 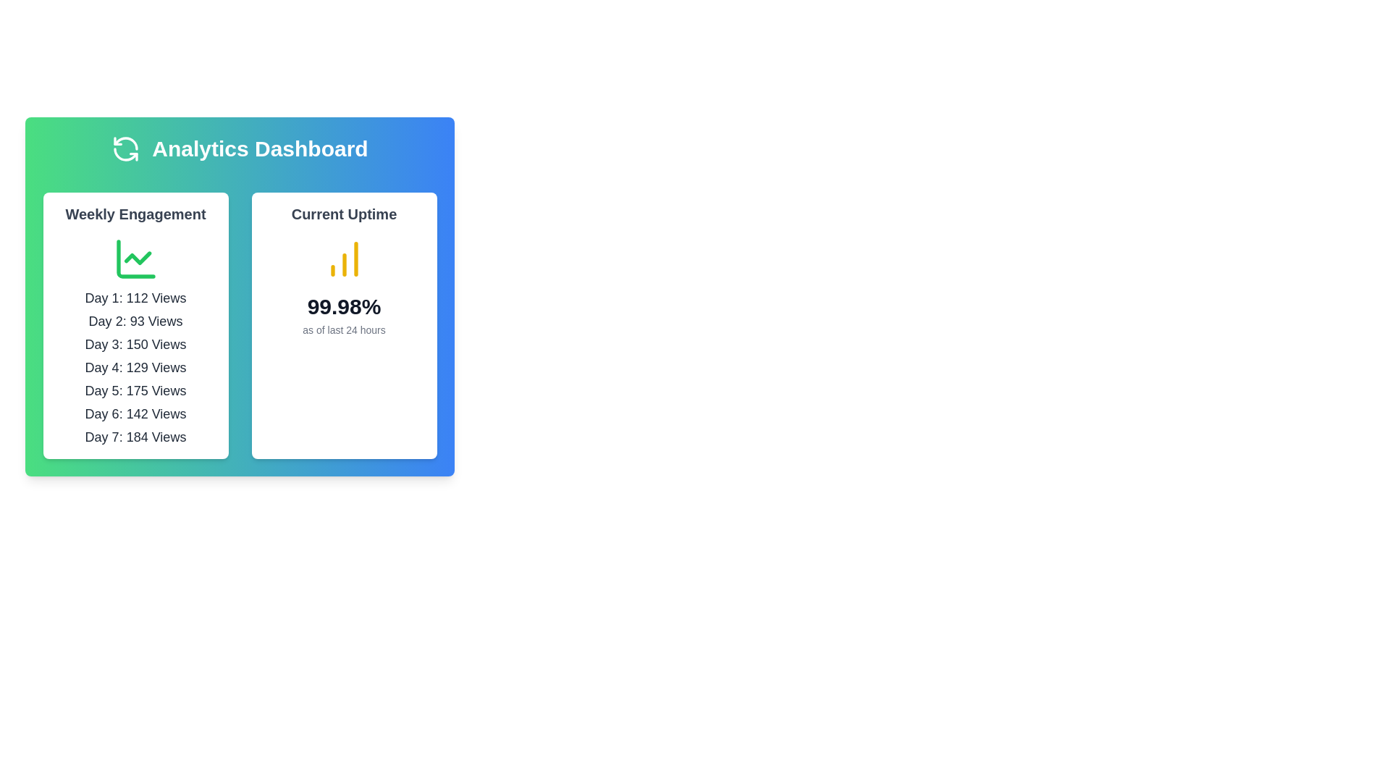 I want to click on and analyze the statistics from the text block located in the left panel of the dashboard below the 'Weekly Engagement' header, so click(x=135, y=367).